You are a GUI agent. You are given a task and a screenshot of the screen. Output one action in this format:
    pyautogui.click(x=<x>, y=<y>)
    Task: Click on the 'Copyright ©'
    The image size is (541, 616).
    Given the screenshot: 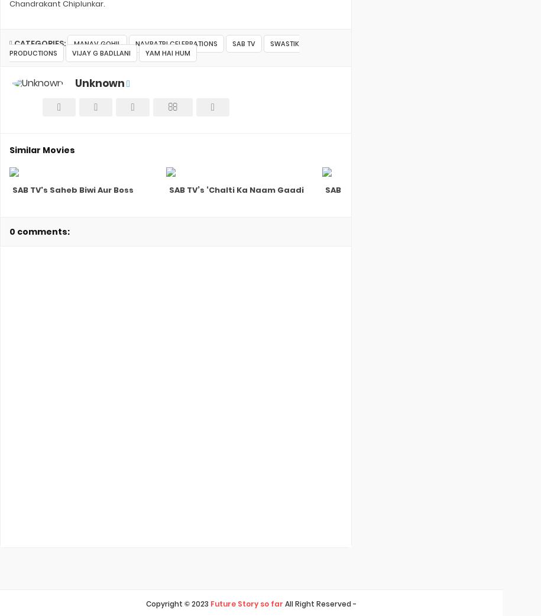 What is the action you would take?
    pyautogui.click(x=168, y=604)
    